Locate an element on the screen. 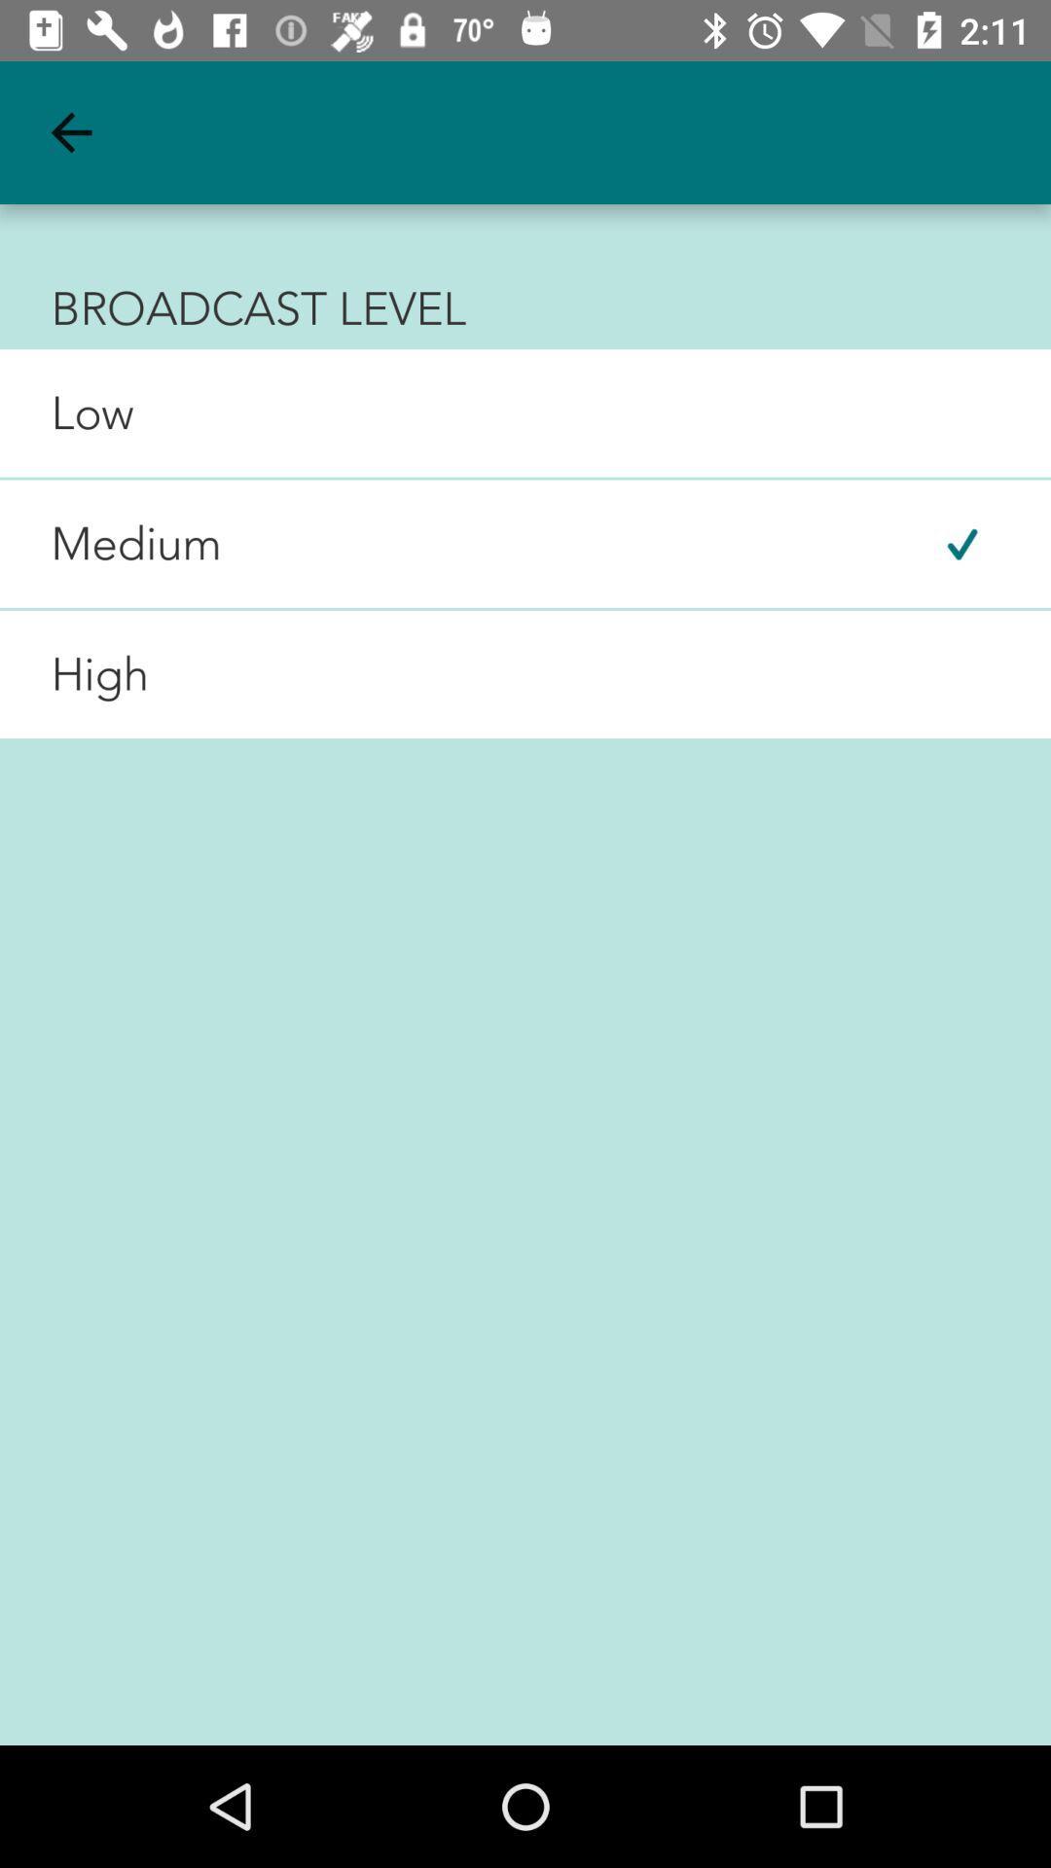 The height and width of the screenshot is (1868, 1051). the icon above the high icon is located at coordinates (111, 544).